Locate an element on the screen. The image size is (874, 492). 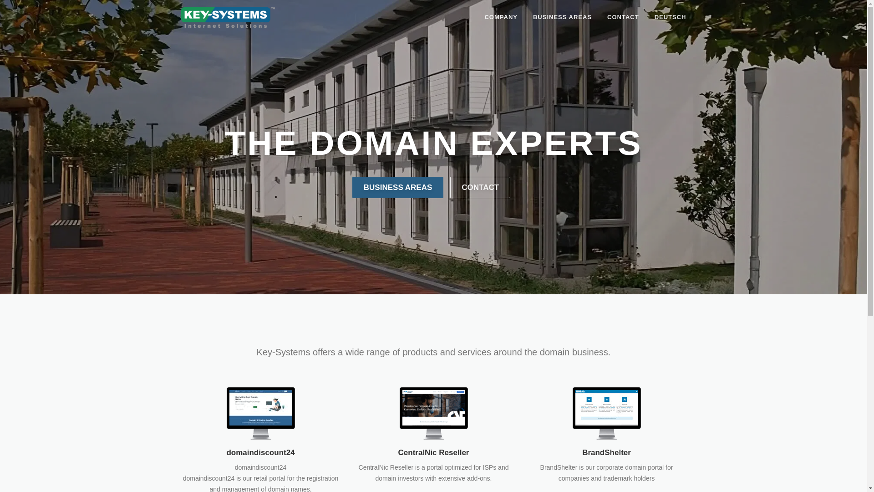
'BrandShelter' is located at coordinates (606, 452).